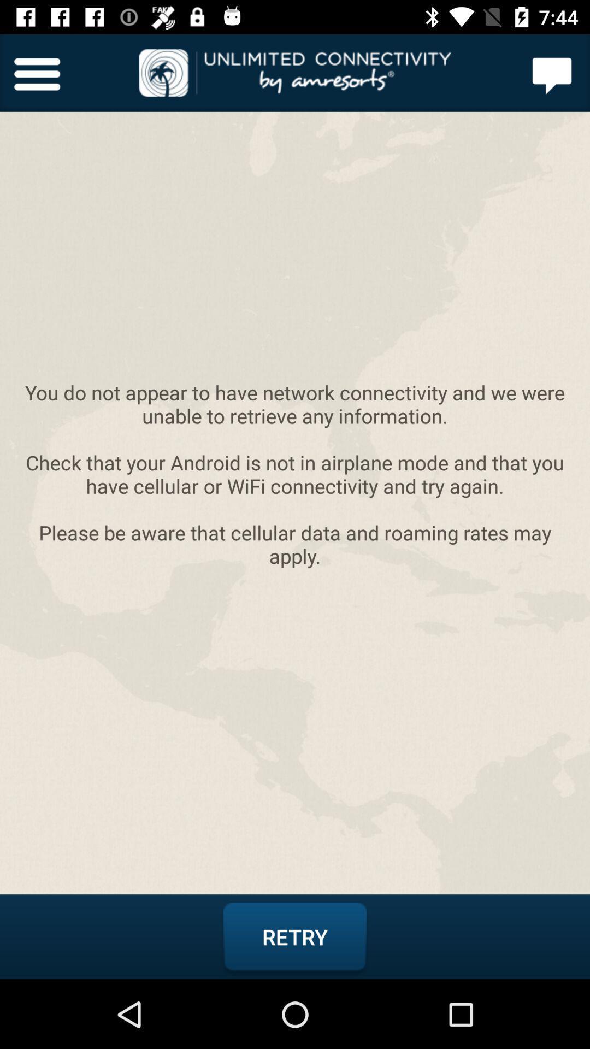 Image resolution: width=590 pixels, height=1049 pixels. What do you see at coordinates (37, 72) in the screenshot?
I see `the menu icon` at bounding box center [37, 72].